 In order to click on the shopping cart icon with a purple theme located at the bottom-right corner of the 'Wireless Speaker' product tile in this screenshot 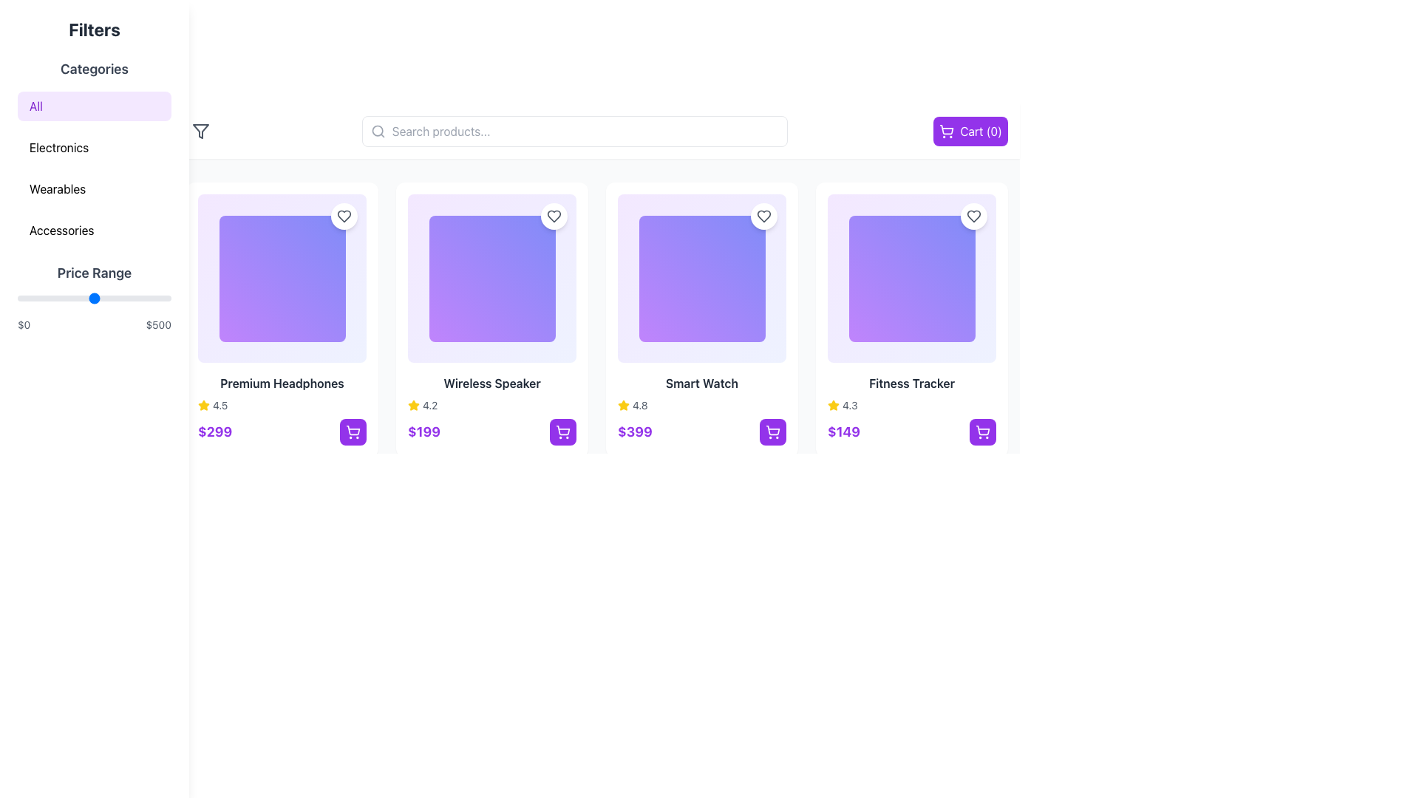, I will do `click(562, 430)`.